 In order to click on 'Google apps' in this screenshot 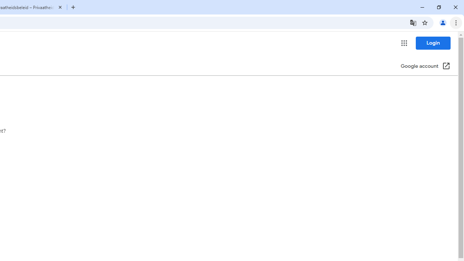, I will do `click(403, 43)`.